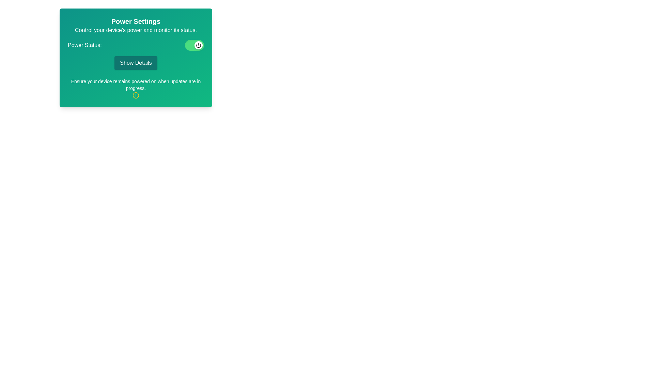 This screenshot has height=368, width=654. What do you see at coordinates (136, 95) in the screenshot?
I see `the circular vector graphic element located inside an icon below the 'Ensure your device remains powered on when updates are in progress' text in the 'Power Settings' dialog window` at bounding box center [136, 95].